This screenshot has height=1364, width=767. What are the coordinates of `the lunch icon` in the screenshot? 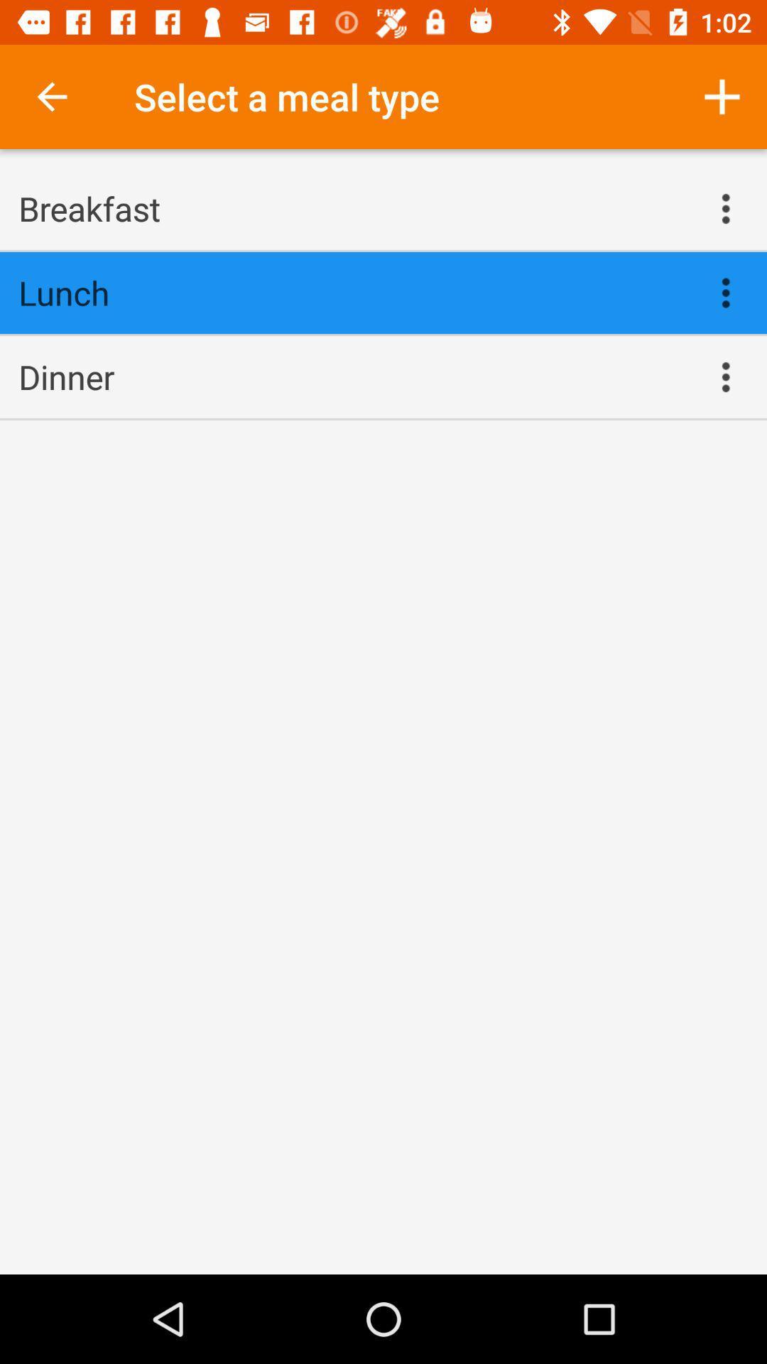 It's located at (352, 292).